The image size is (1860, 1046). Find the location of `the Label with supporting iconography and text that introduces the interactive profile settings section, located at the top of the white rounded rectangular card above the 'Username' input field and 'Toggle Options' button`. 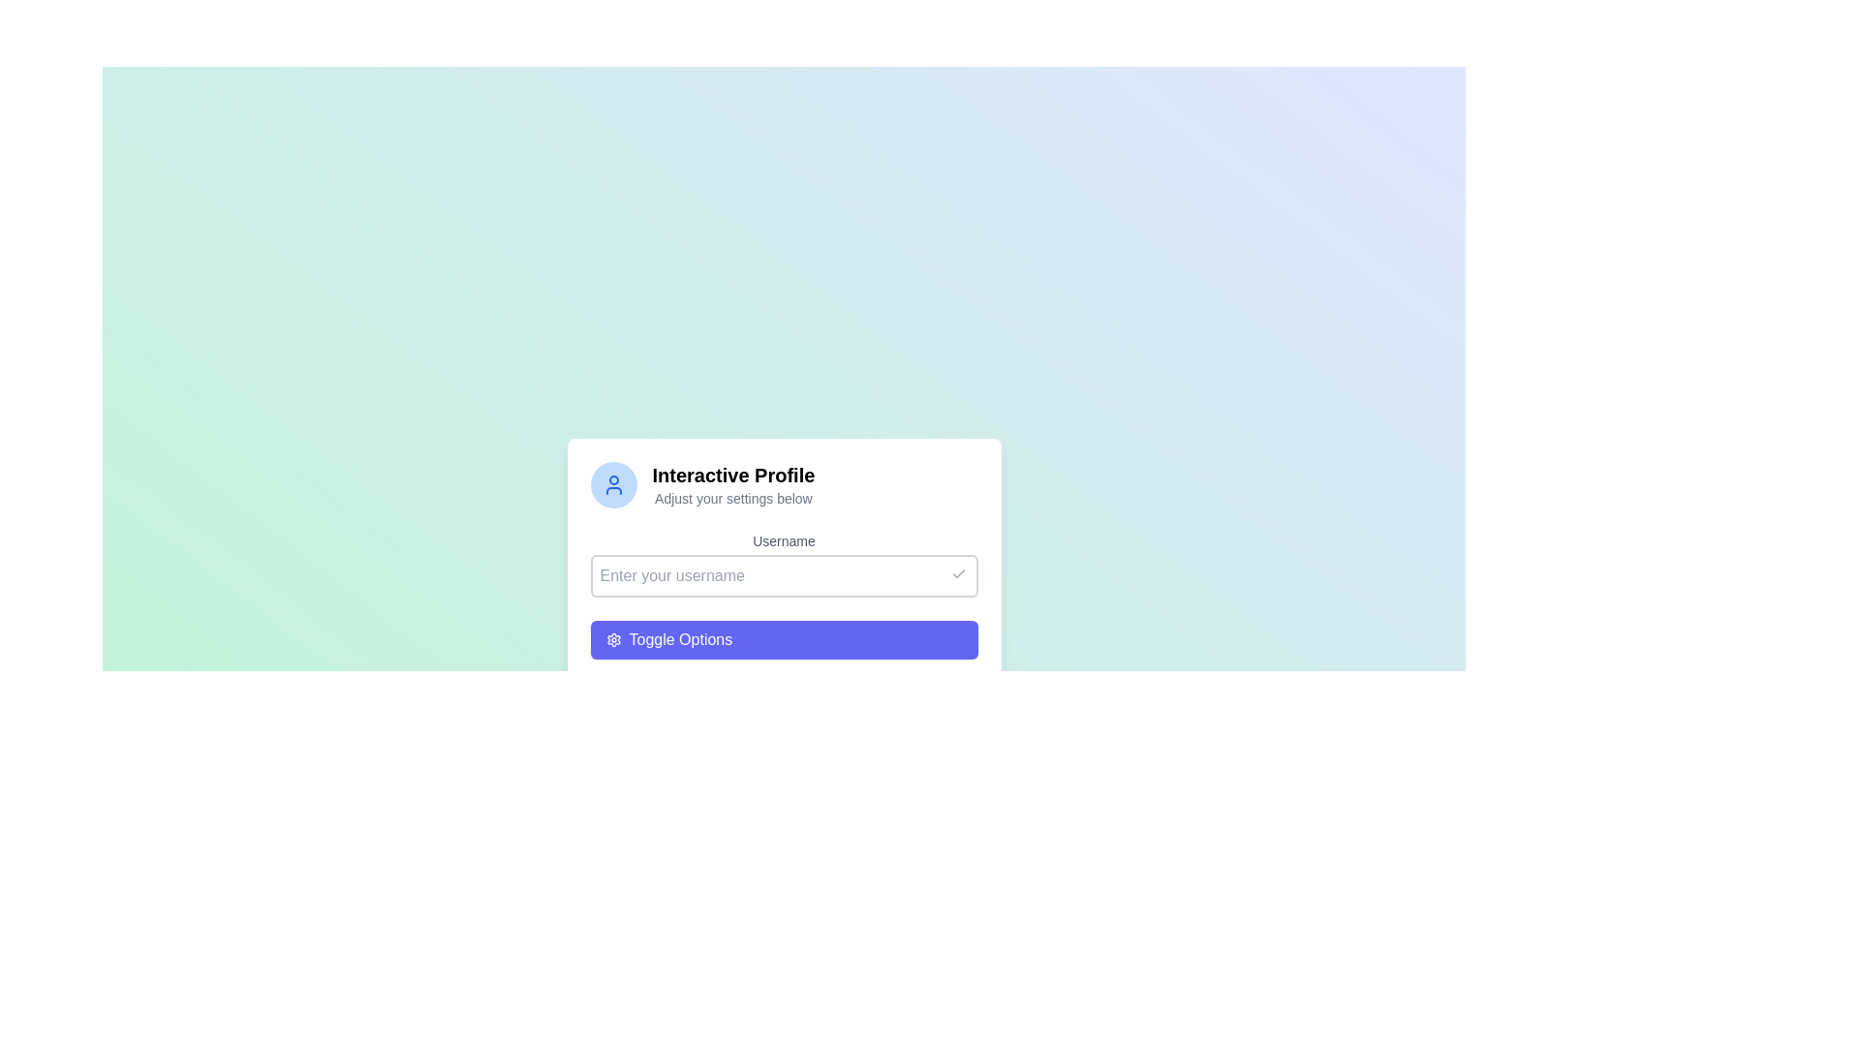

the Label with supporting iconography and text that introduces the interactive profile settings section, located at the top of the white rounded rectangular card above the 'Username' input field and 'Toggle Options' button is located at coordinates (784, 484).